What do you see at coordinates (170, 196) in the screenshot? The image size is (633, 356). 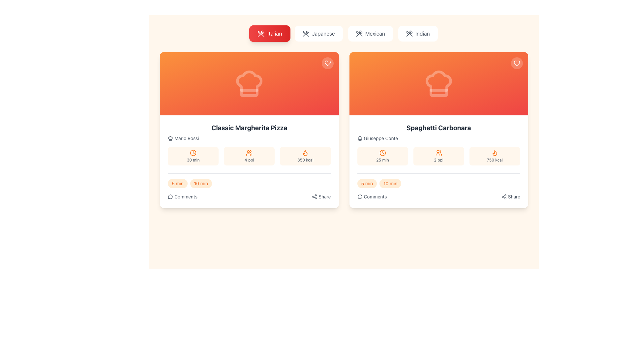 I see `the comments icon located to the left of the word 'Comments' in the section below the 'Classic Margherita Pizza' recipe card` at bounding box center [170, 196].